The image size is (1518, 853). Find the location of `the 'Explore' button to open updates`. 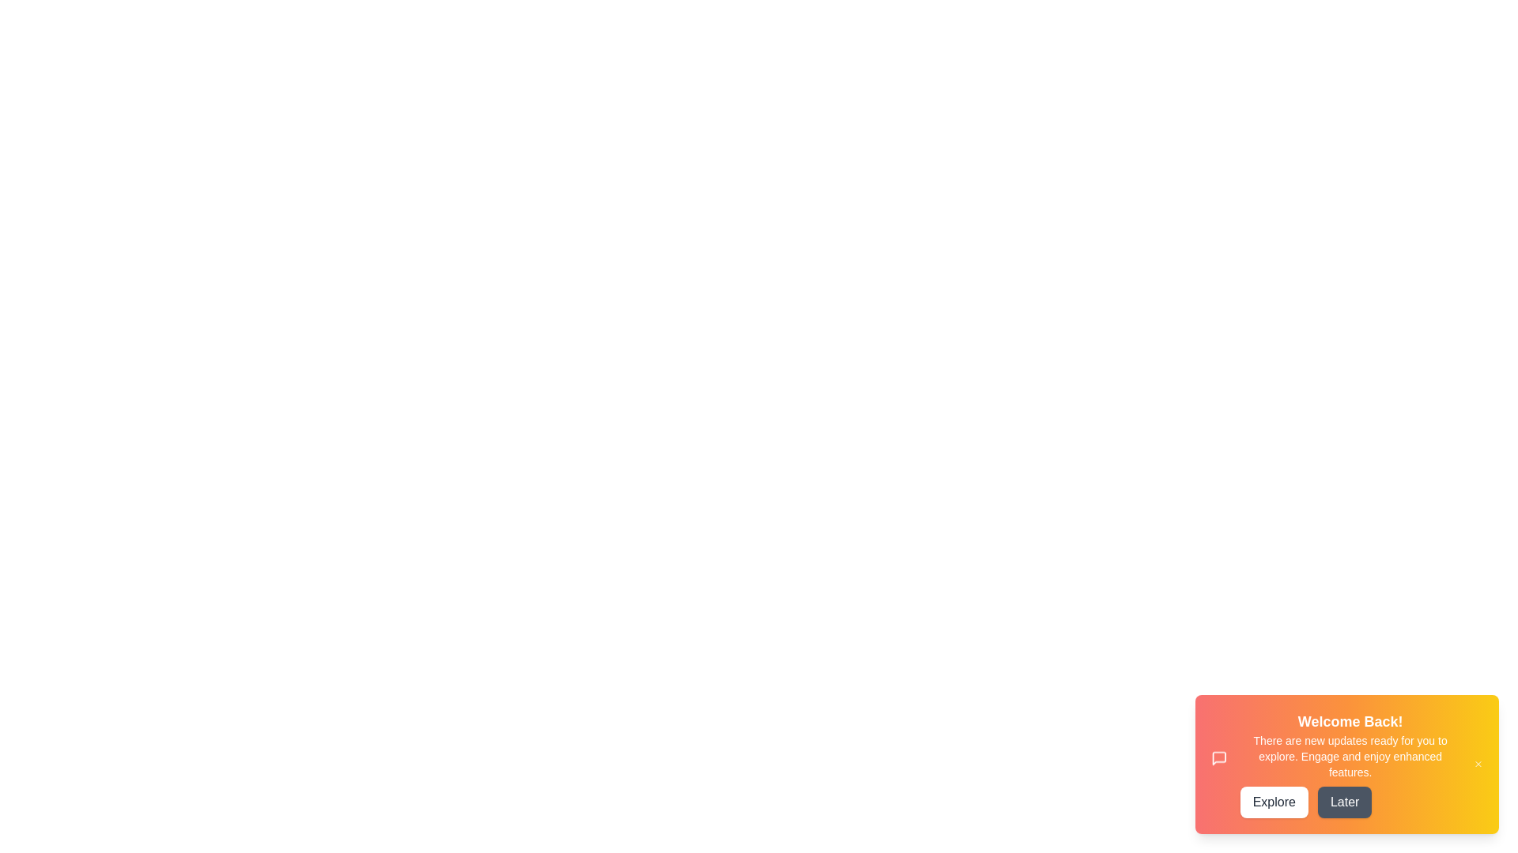

the 'Explore' button to open updates is located at coordinates (1274, 802).